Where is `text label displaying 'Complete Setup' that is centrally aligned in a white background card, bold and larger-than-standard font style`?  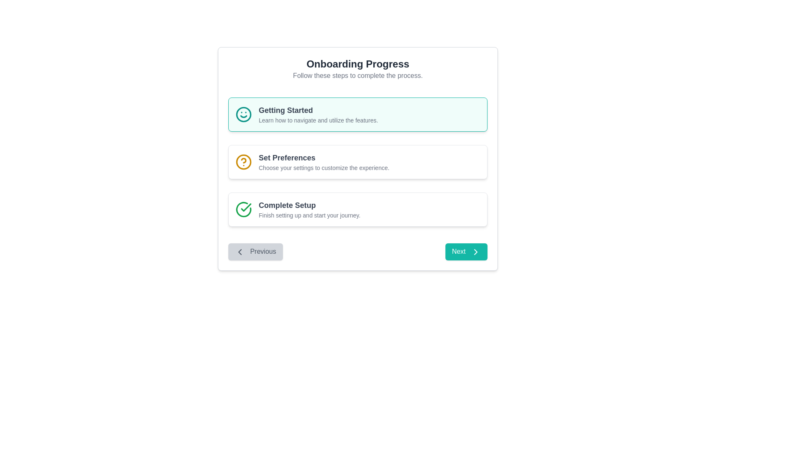 text label displaying 'Complete Setup' that is centrally aligned in a white background card, bold and larger-than-standard font style is located at coordinates (309, 205).